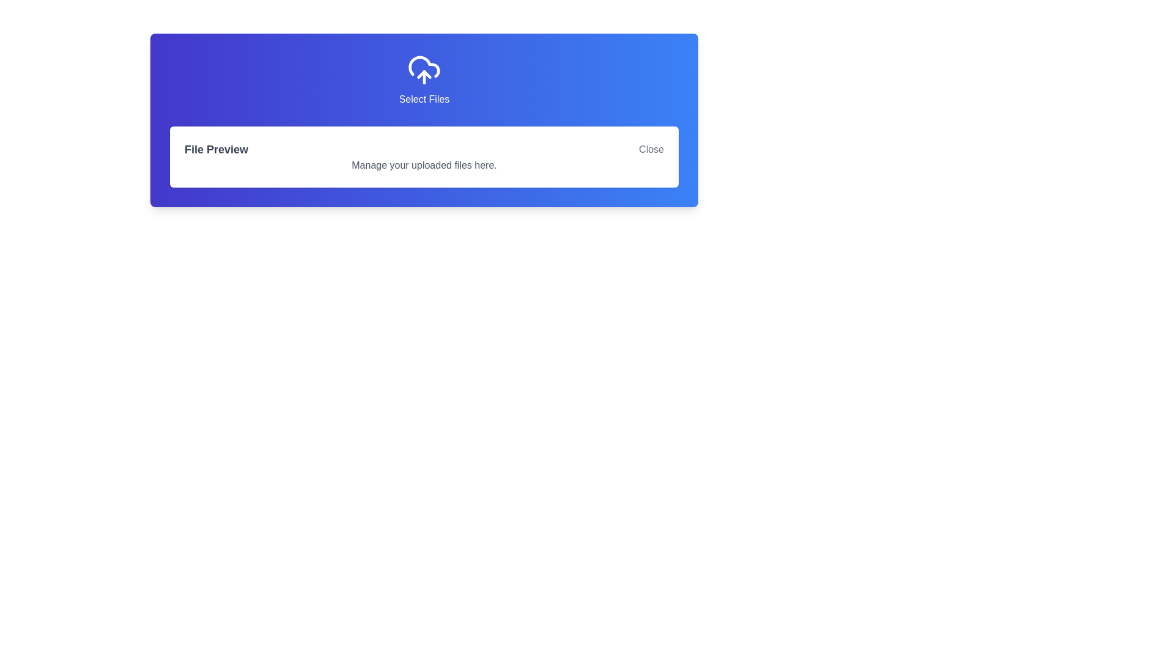 This screenshot has height=660, width=1174. What do you see at coordinates (424, 98) in the screenshot?
I see `the 'Select Files' text display, which is styled in white font against a blue gradient background and located beneath a cloud icon with an upward arrow` at bounding box center [424, 98].